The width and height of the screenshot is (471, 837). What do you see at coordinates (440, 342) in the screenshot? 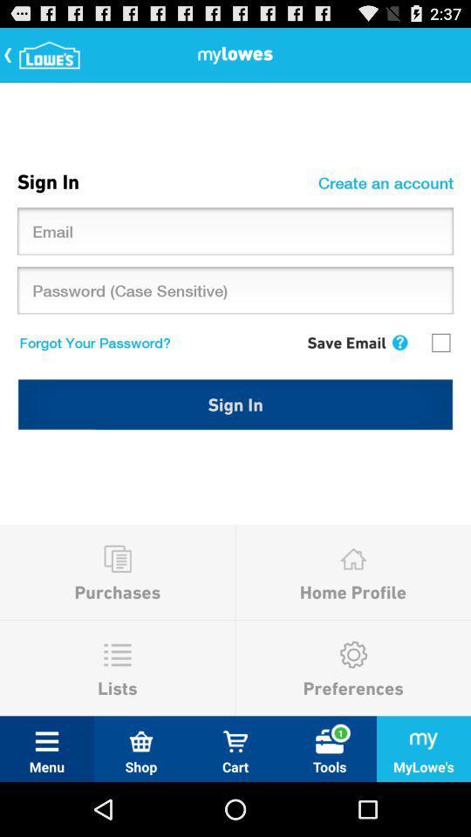
I see `the icon above sign in` at bounding box center [440, 342].